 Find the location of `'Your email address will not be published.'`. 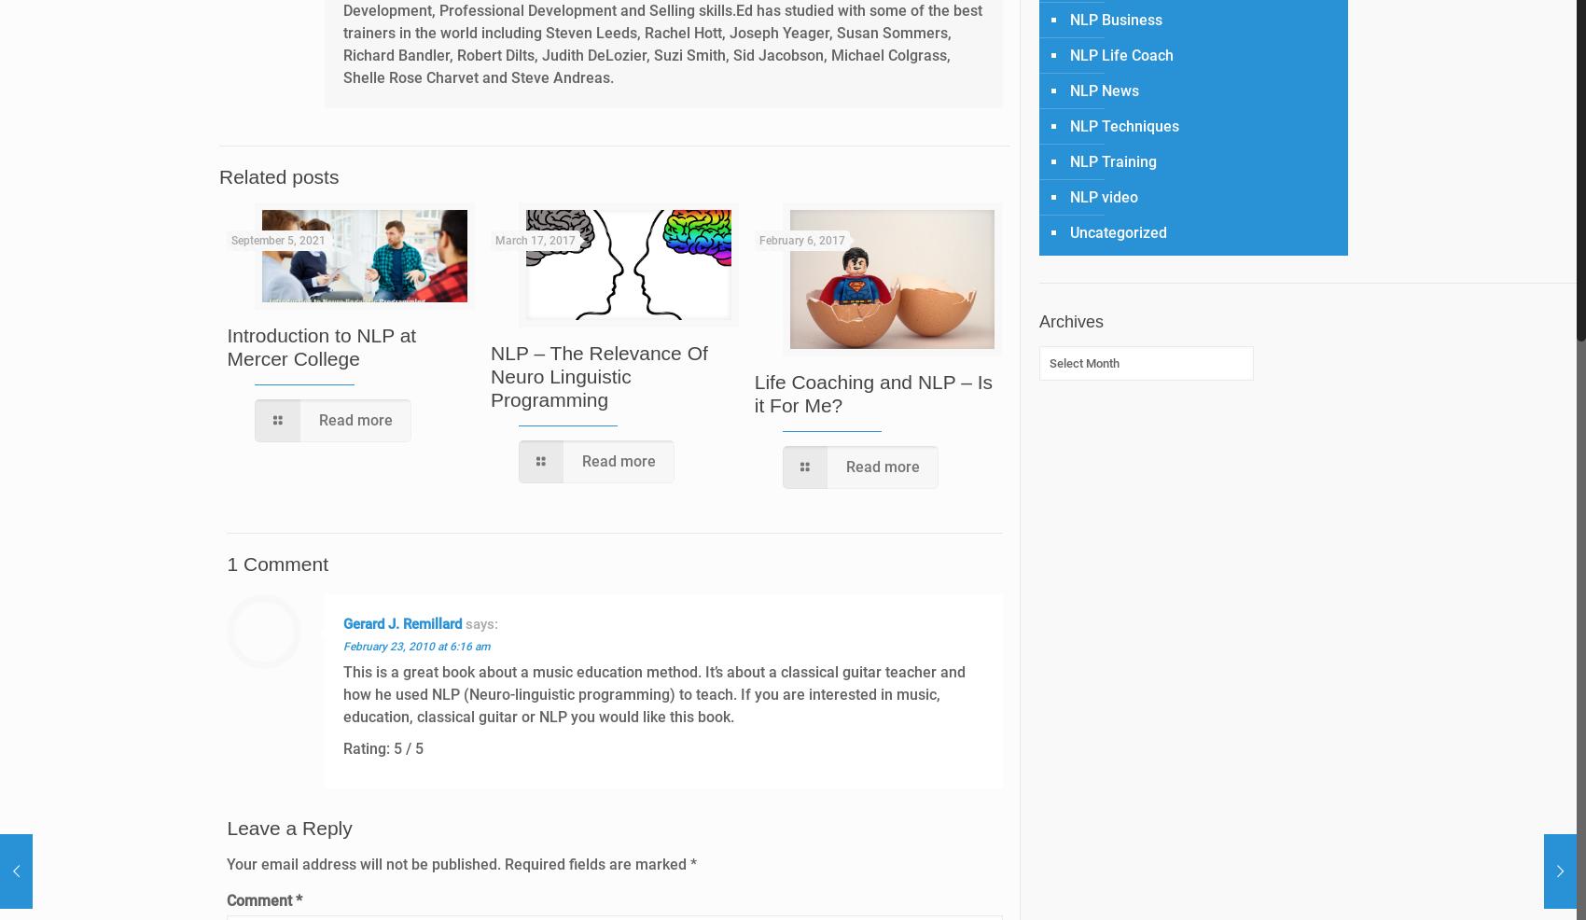

'Your email address will not be published.' is located at coordinates (226, 864).